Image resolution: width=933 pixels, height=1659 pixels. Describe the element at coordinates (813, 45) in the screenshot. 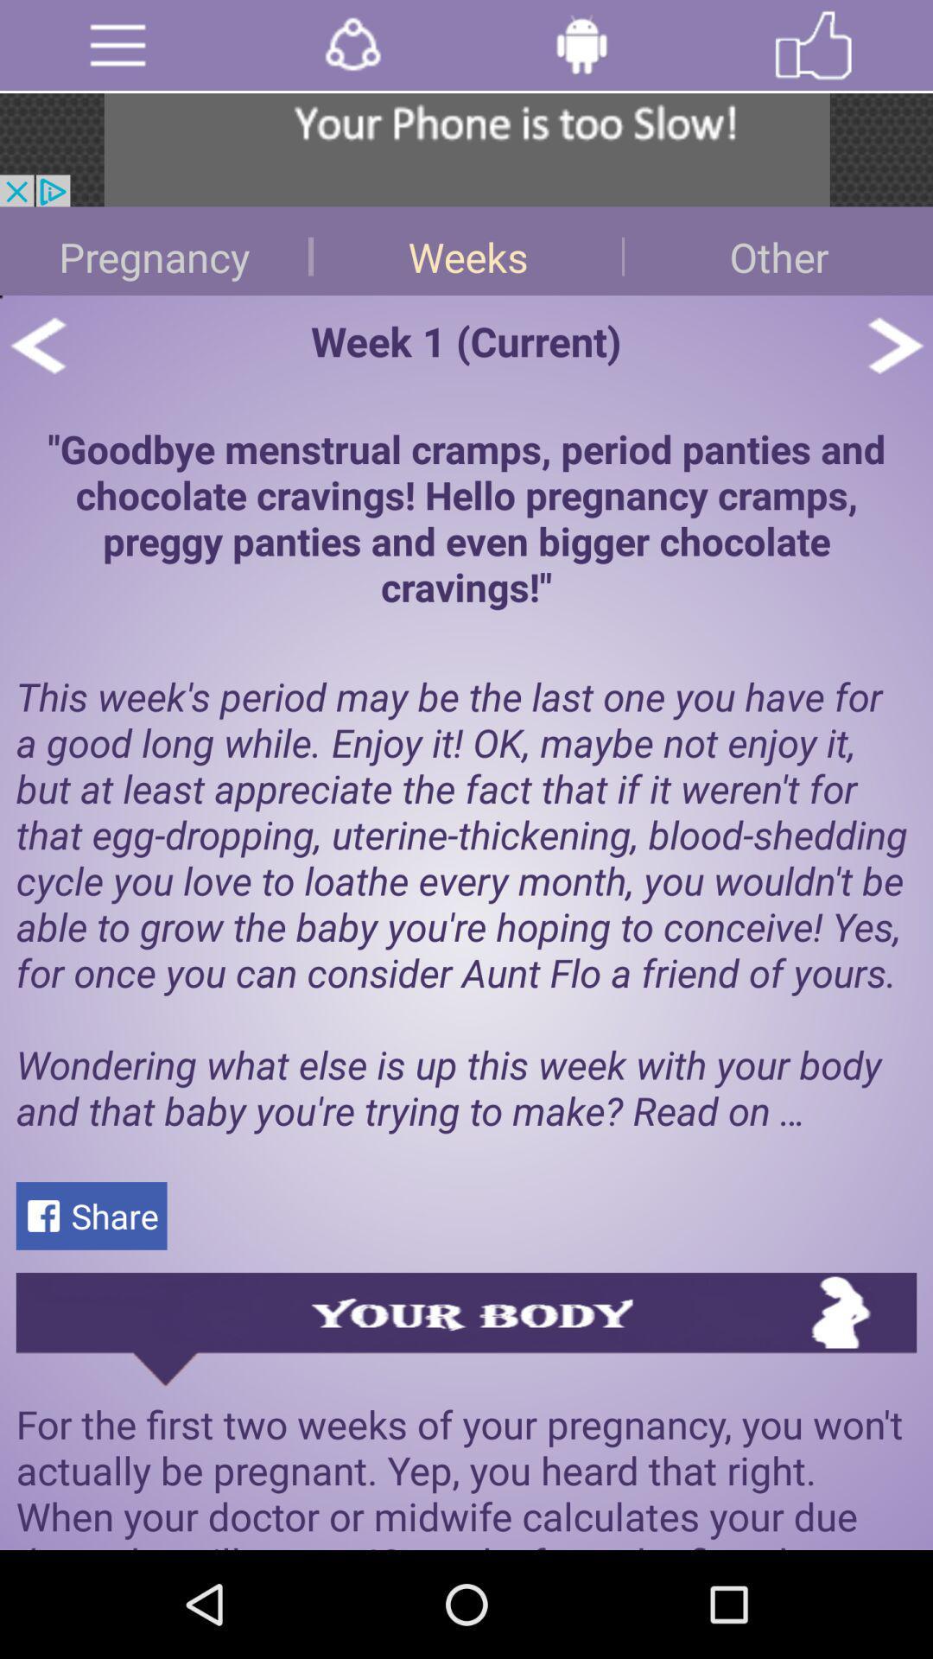

I see `like this page` at that location.